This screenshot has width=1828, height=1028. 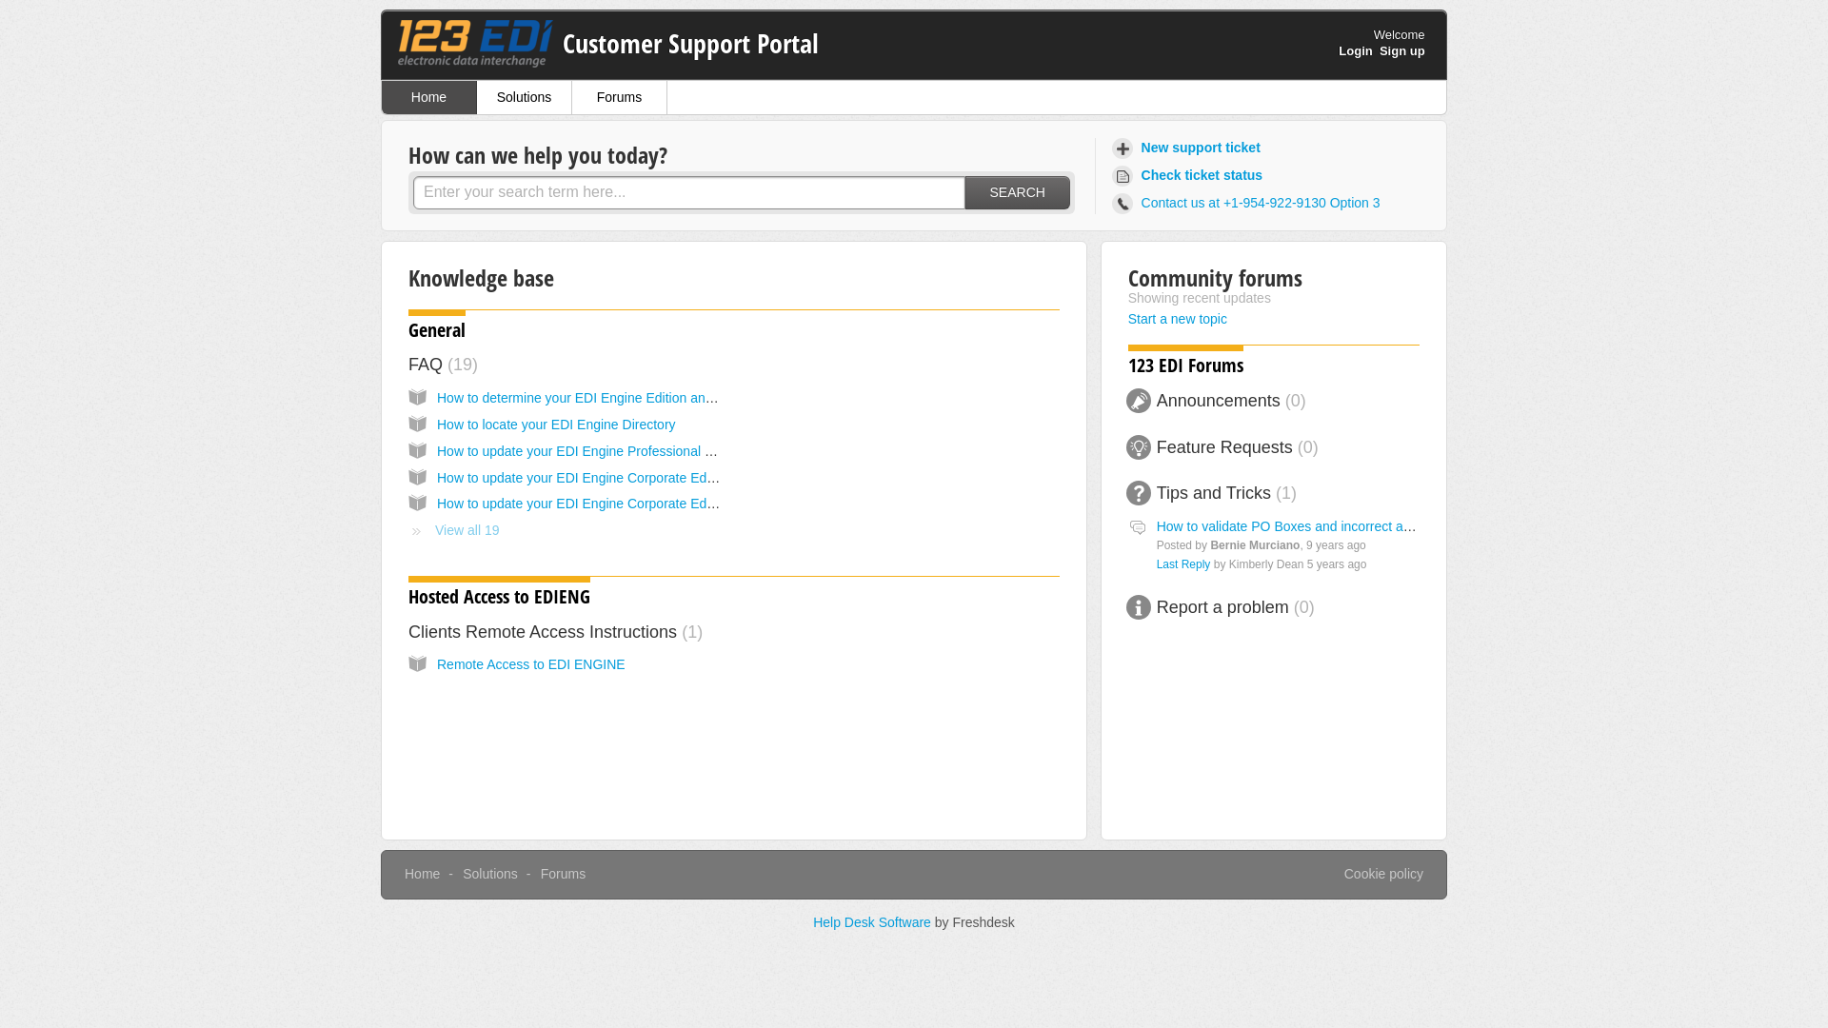 I want to click on '123 EDI Forums', so click(x=1184, y=365).